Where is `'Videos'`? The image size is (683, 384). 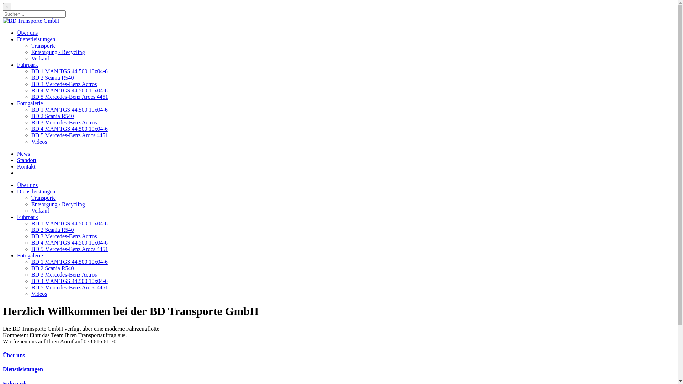 'Videos' is located at coordinates (39, 294).